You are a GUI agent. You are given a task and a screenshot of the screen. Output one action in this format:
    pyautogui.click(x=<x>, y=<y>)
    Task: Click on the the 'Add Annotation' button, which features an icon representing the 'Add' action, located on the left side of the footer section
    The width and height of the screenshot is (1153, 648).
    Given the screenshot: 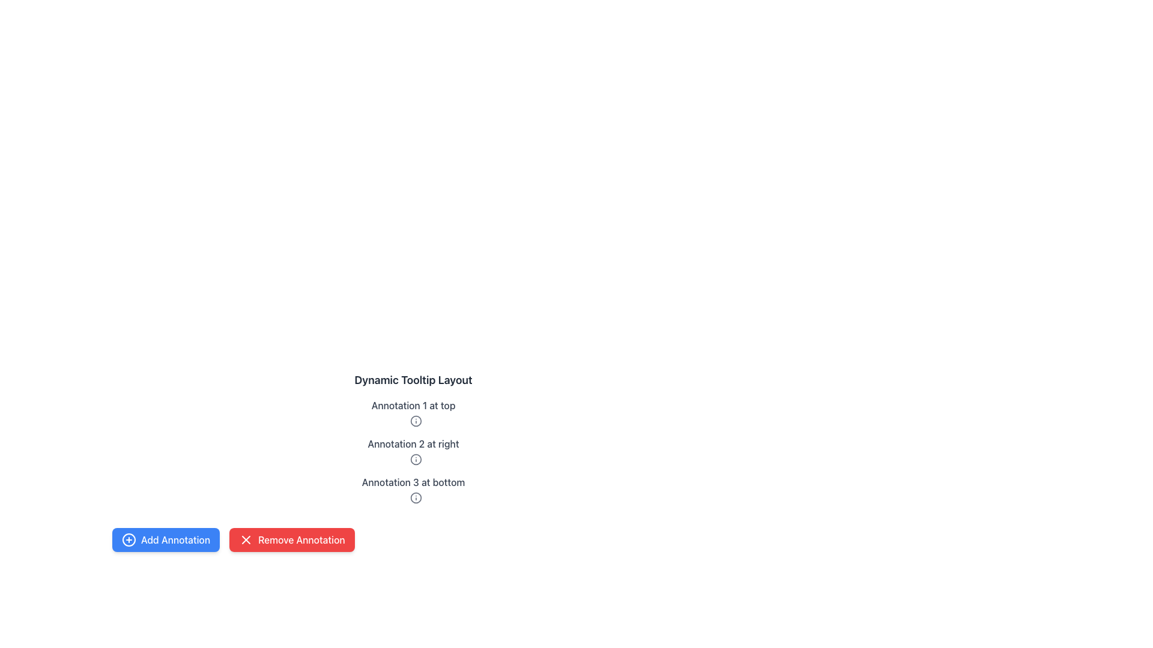 What is the action you would take?
    pyautogui.click(x=129, y=539)
    